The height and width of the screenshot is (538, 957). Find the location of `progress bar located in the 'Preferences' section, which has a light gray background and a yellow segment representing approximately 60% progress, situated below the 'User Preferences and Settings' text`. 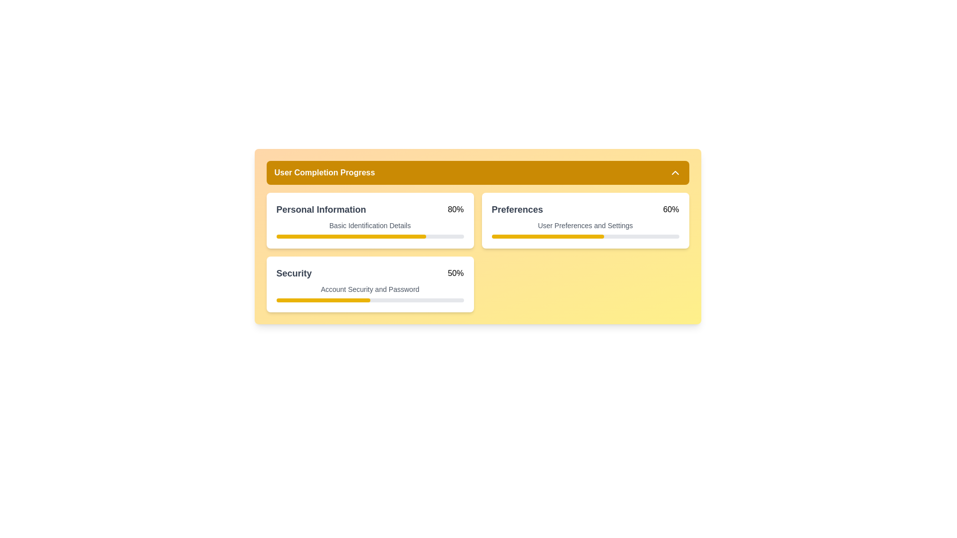

progress bar located in the 'Preferences' section, which has a light gray background and a yellow segment representing approximately 60% progress, situated below the 'User Preferences and Settings' text is located at coordinates (585, 236).